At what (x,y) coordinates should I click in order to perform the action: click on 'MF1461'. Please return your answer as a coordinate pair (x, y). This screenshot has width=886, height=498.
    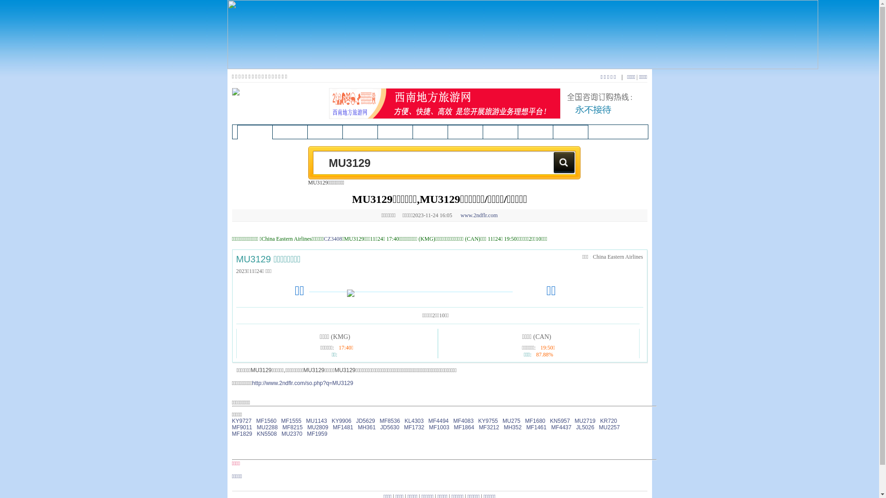
    Looking at the image, I should click on (536, 427).